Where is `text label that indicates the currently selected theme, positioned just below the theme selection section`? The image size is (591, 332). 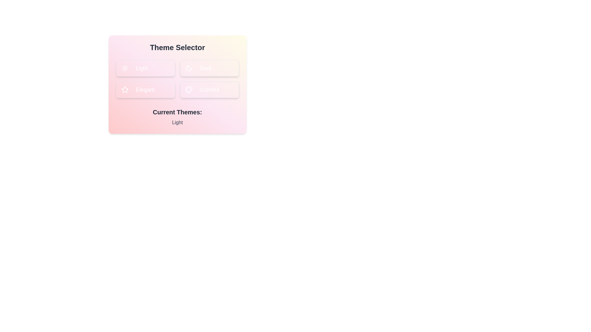 text label that indicates the currently selected theme, positioned just below the theme selection section is located at coordinates (177, 112).